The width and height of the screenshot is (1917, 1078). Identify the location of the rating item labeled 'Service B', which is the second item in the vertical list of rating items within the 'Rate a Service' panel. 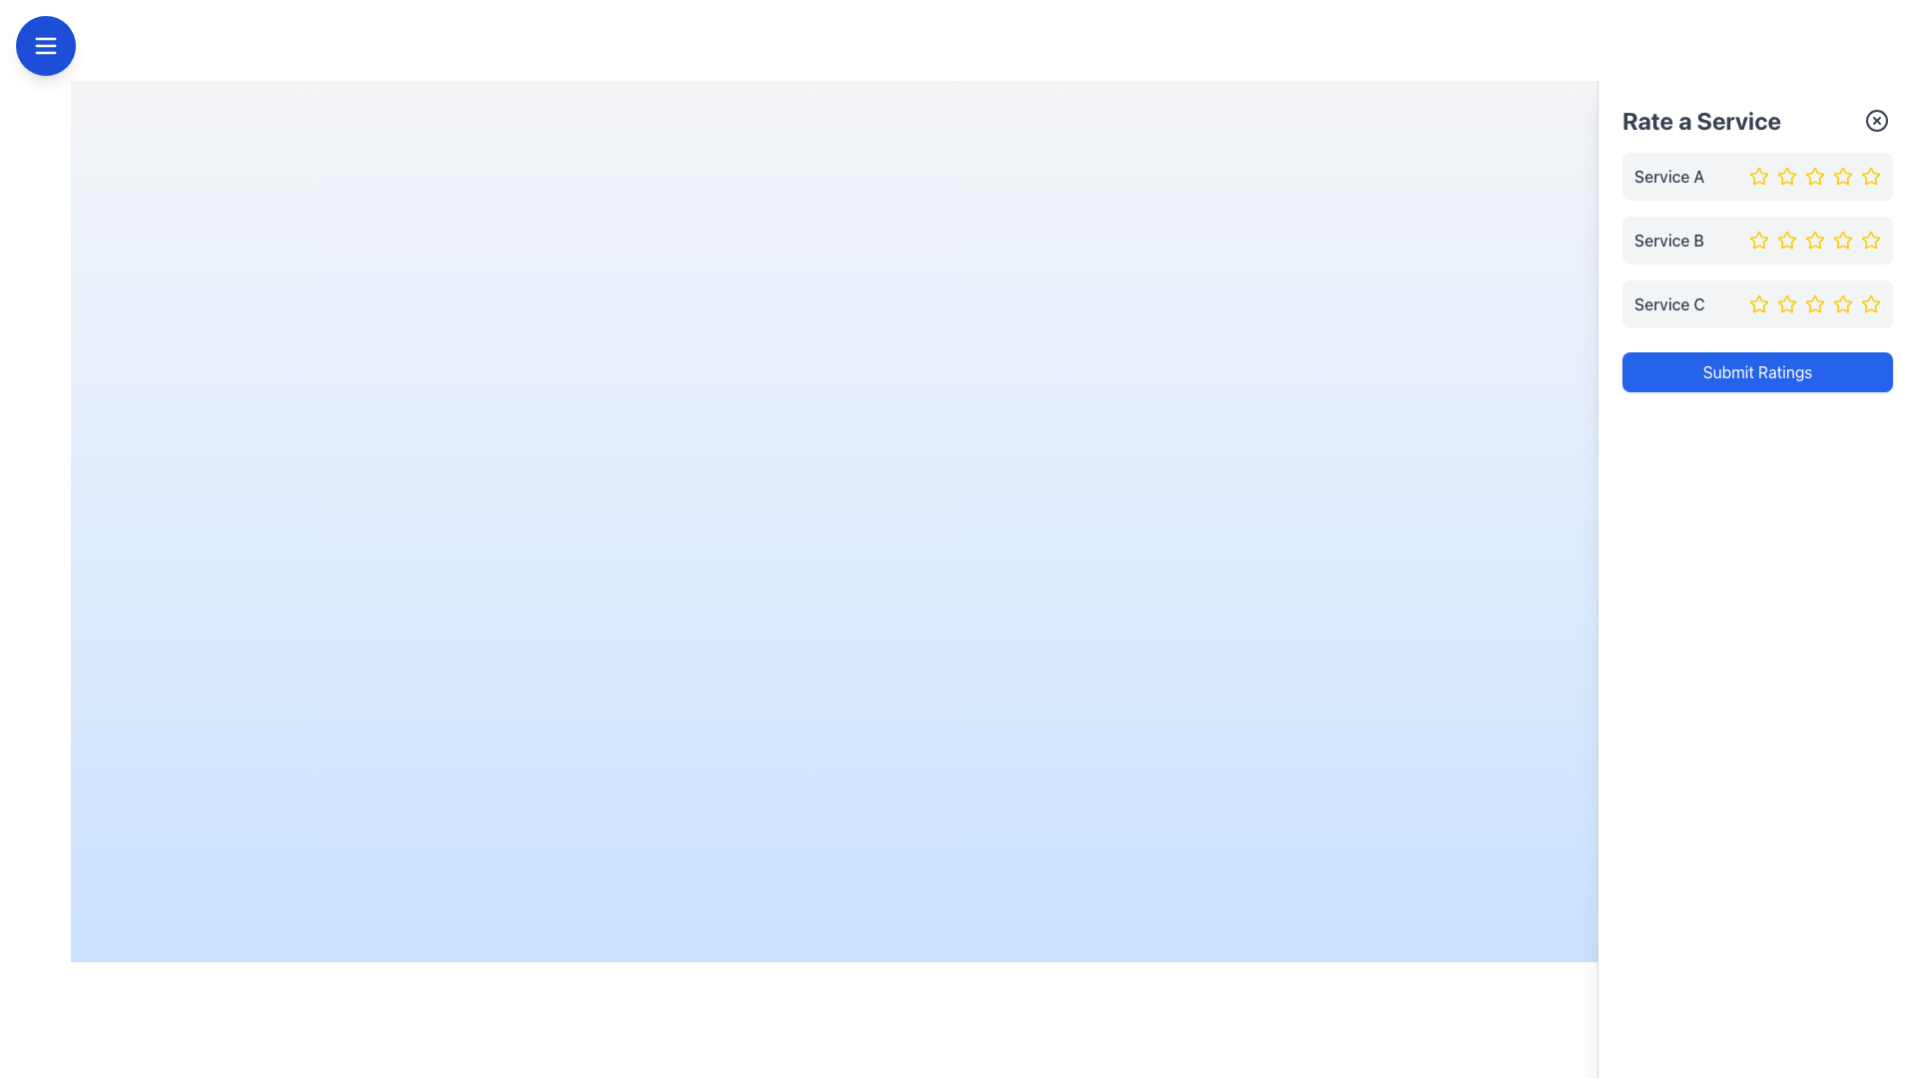
(1757, 239).